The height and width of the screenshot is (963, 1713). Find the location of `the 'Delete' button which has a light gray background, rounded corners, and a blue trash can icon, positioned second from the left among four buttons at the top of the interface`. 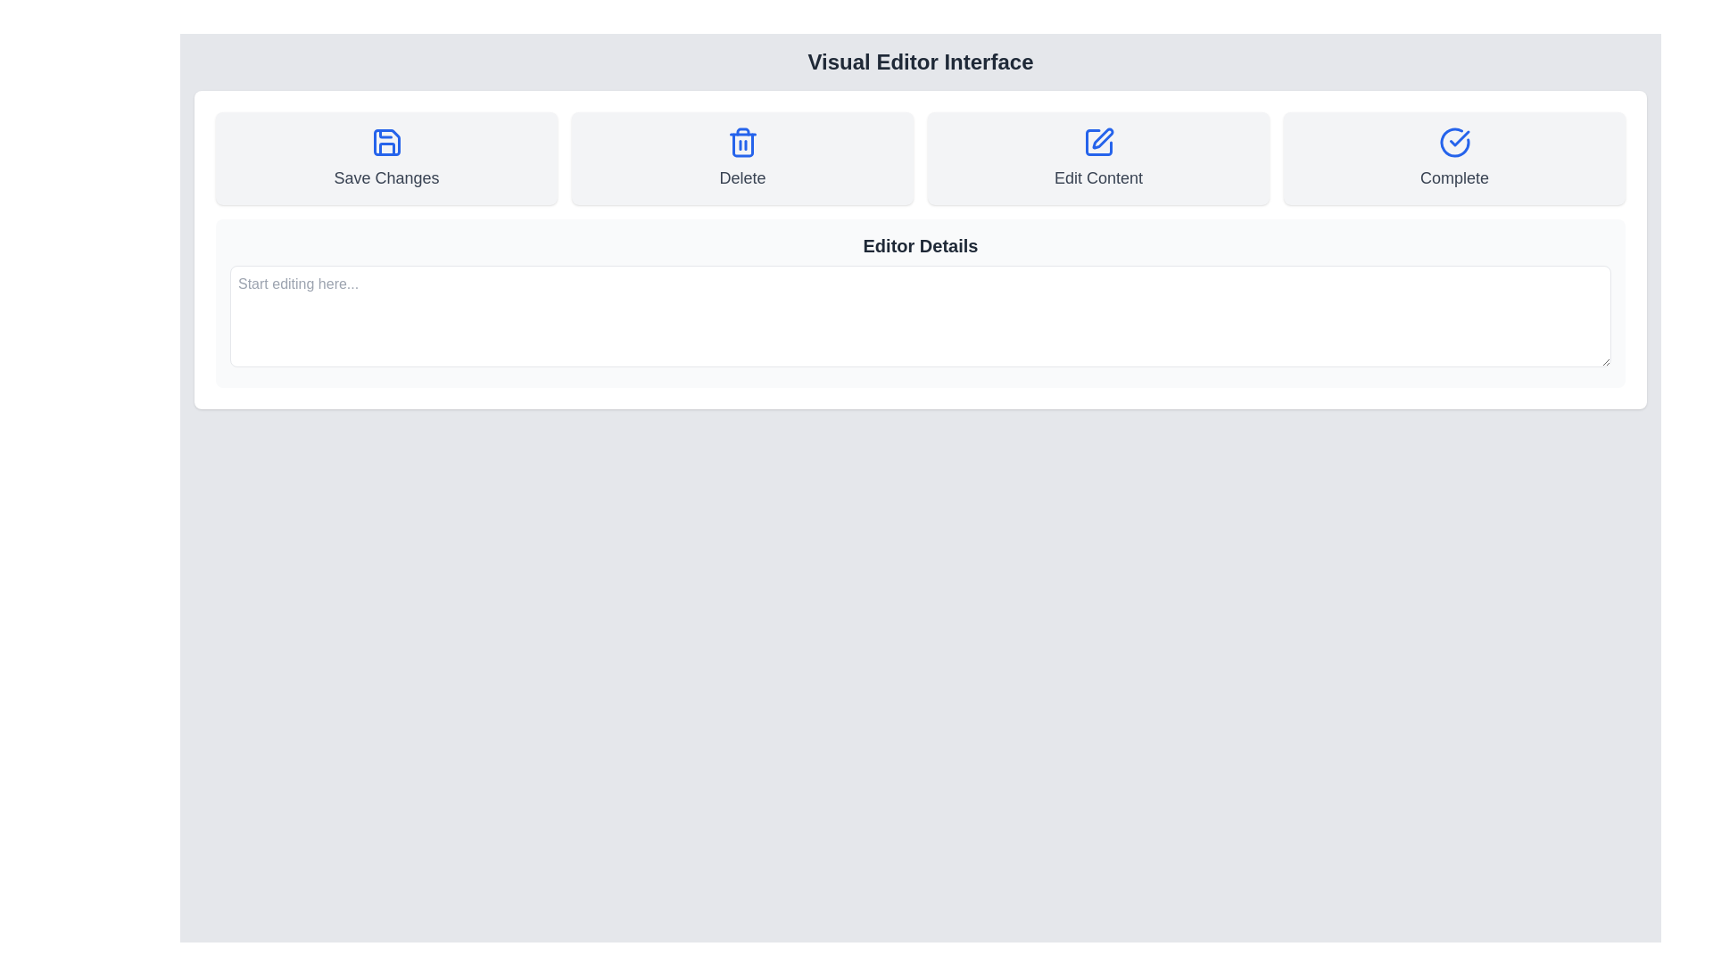

the 'Delete' button which has a light gray background, rounded corners, and a blue trash can icon, positioned second from the left among four buttons at the top of the interface is located at coordinates (742, 157).